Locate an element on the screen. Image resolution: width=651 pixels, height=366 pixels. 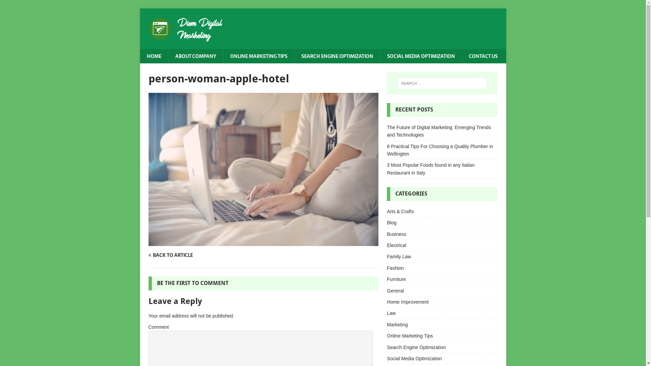
'HOME' is located at coordinates (153, 56).